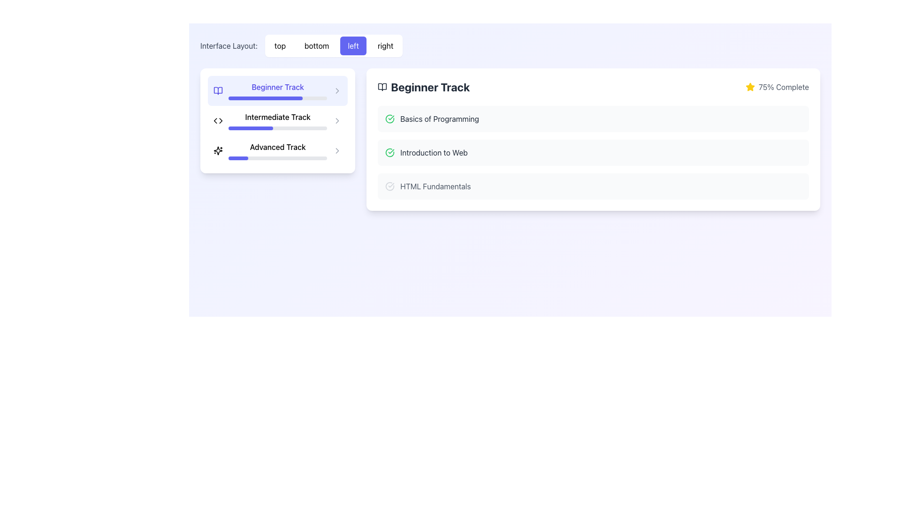  Describe the element at coordinates (593, 152) in the screenshot. I see `the list item labeled 'Introduction` at that location.